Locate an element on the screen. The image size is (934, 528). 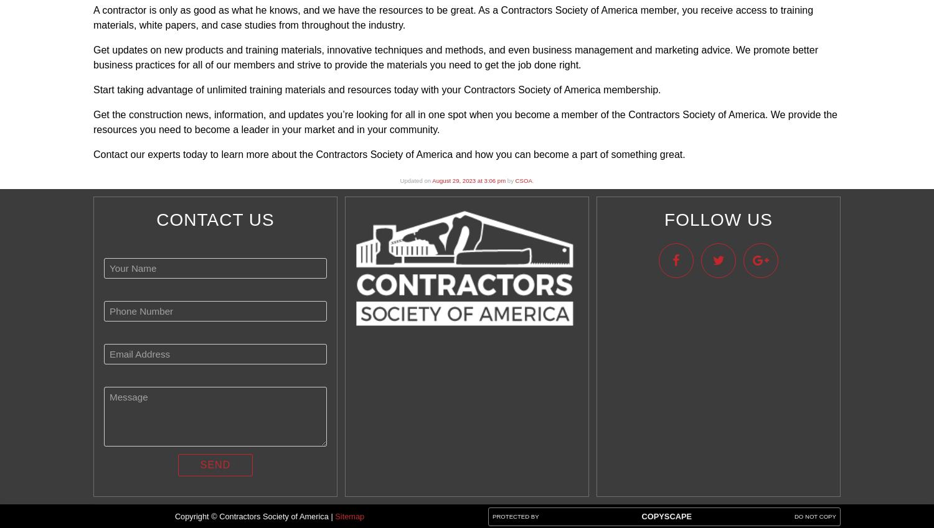
'August 29, 2023 at 3:06 pm' is located at coordinates (469, 180).